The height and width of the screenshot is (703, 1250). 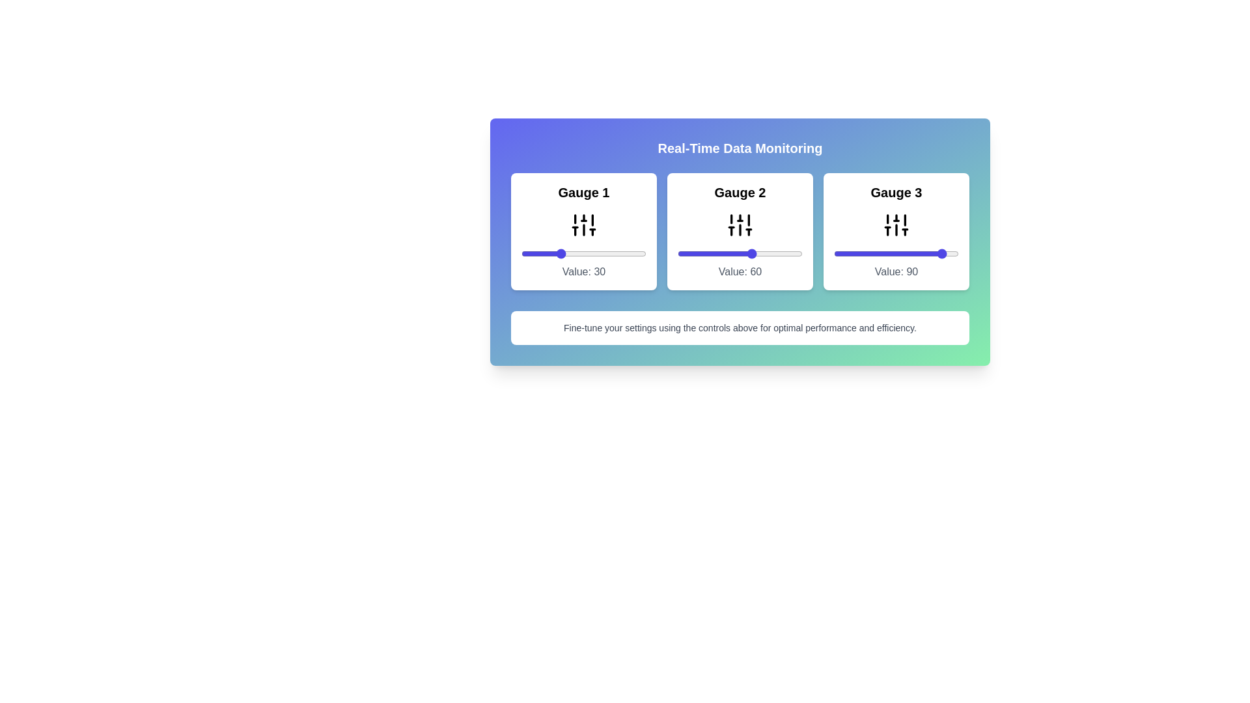 I want to click on the static text label displaying the numeric value located at the bottom of the card labeled 'Gauge 3', which is positioned directly underneath a slider control in the third card from the left, so click(x=896, y=271).